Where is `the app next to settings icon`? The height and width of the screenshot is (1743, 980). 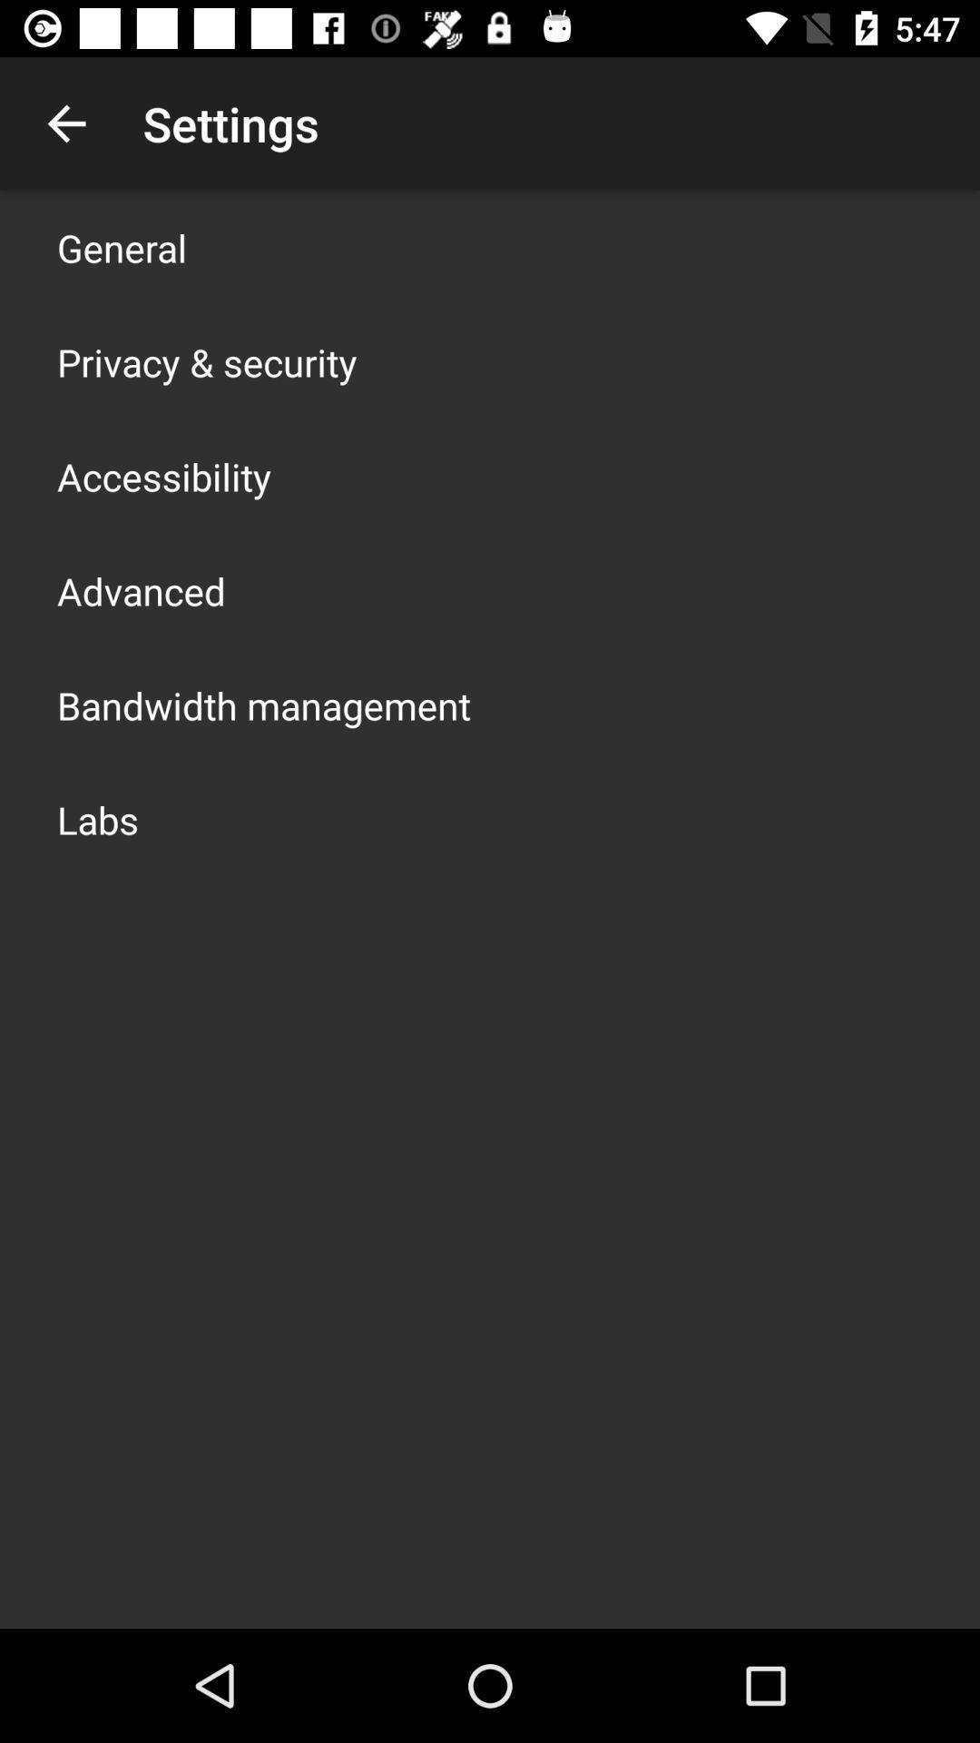
the app next to settings icon is located at coordinates (65, 123).